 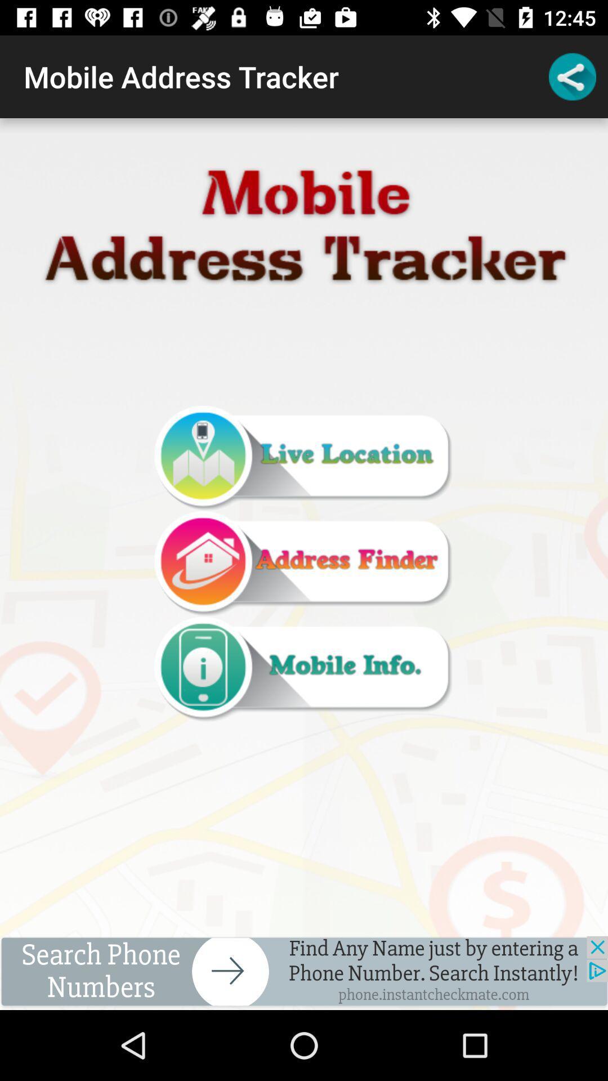 I want to click on share advertisement, so click(x=304, y=972).